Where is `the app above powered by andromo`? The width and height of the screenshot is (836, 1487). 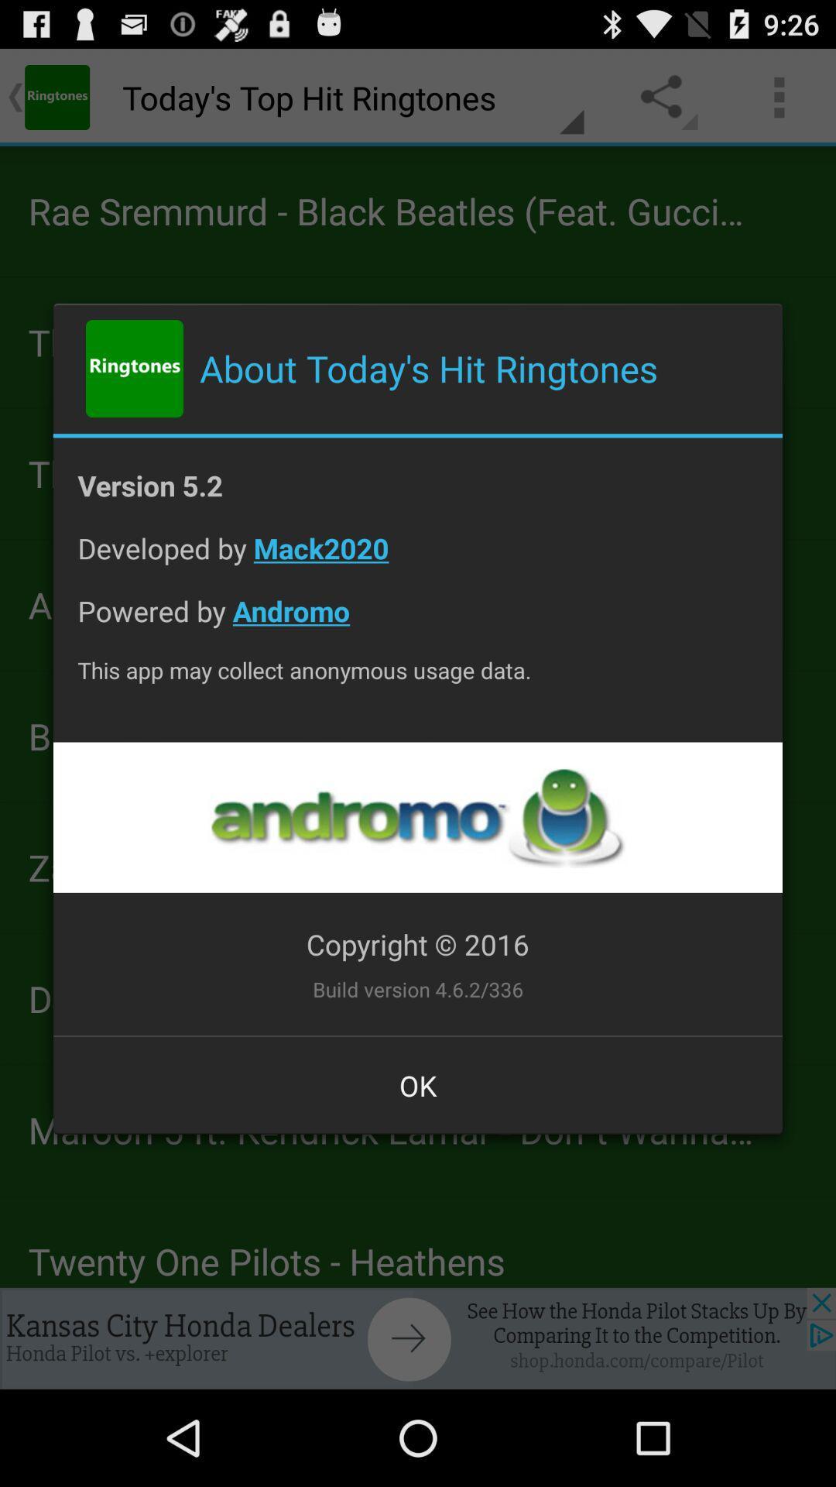 the app above powered by andromo is located at coordinates (418, 559).